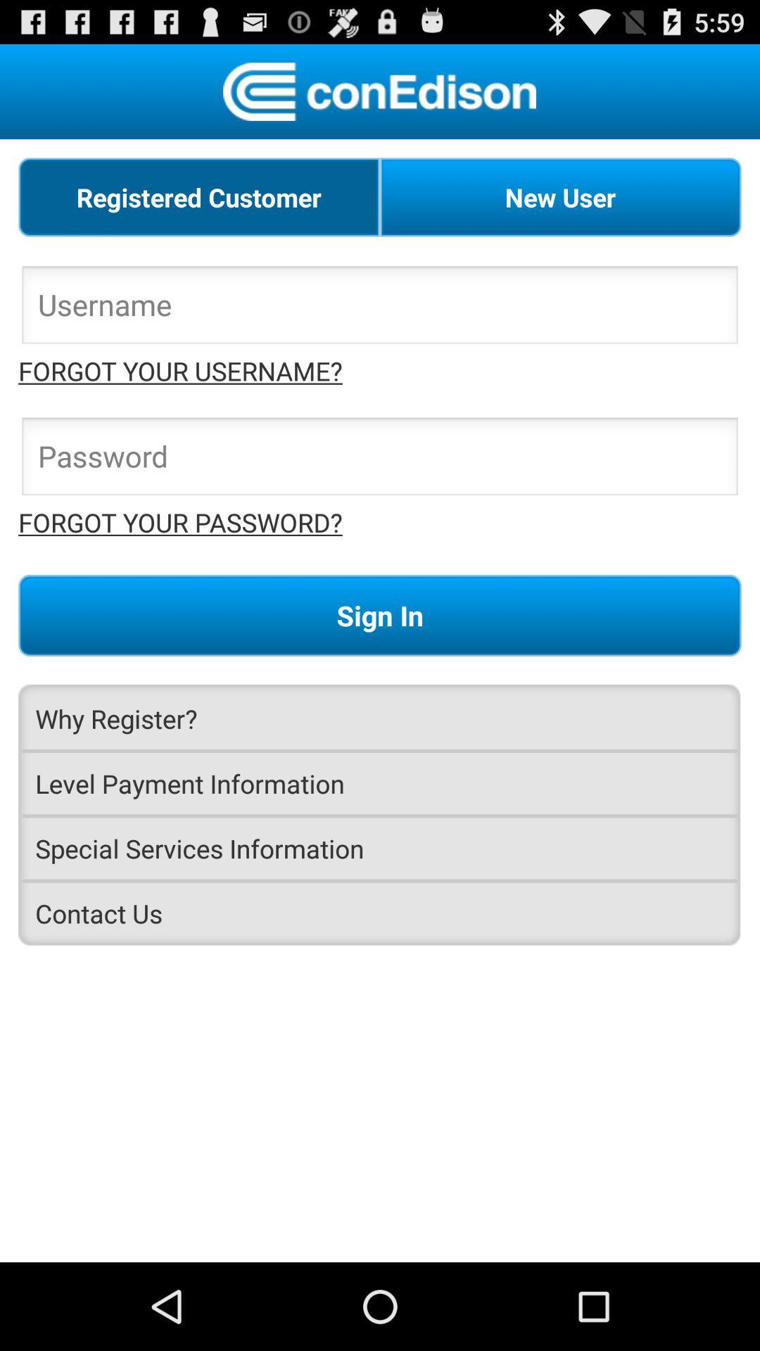 The height and width of the screenshot is (1351, 760). I want to click on the radio button next to the registered customer item, so click(559, 196).